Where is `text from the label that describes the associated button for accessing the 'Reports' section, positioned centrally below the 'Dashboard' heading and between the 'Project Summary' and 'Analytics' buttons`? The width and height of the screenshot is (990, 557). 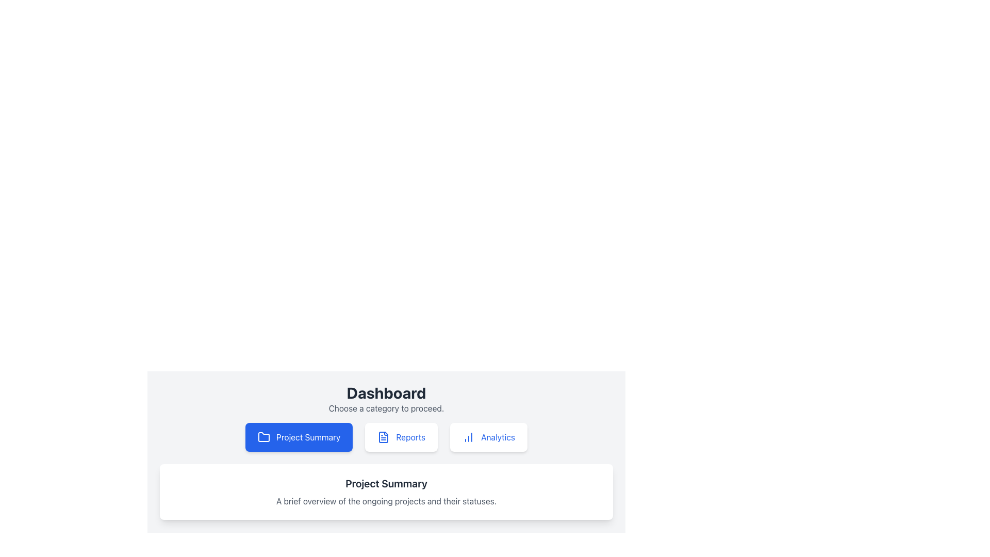 text from the label that describes the associated button for accessing the 'Reports' section, positioned centrally below the 'Dashboard' heading and between the 'Project Summary' and 'Analytics' buttons is located at coordinates (410, 437).